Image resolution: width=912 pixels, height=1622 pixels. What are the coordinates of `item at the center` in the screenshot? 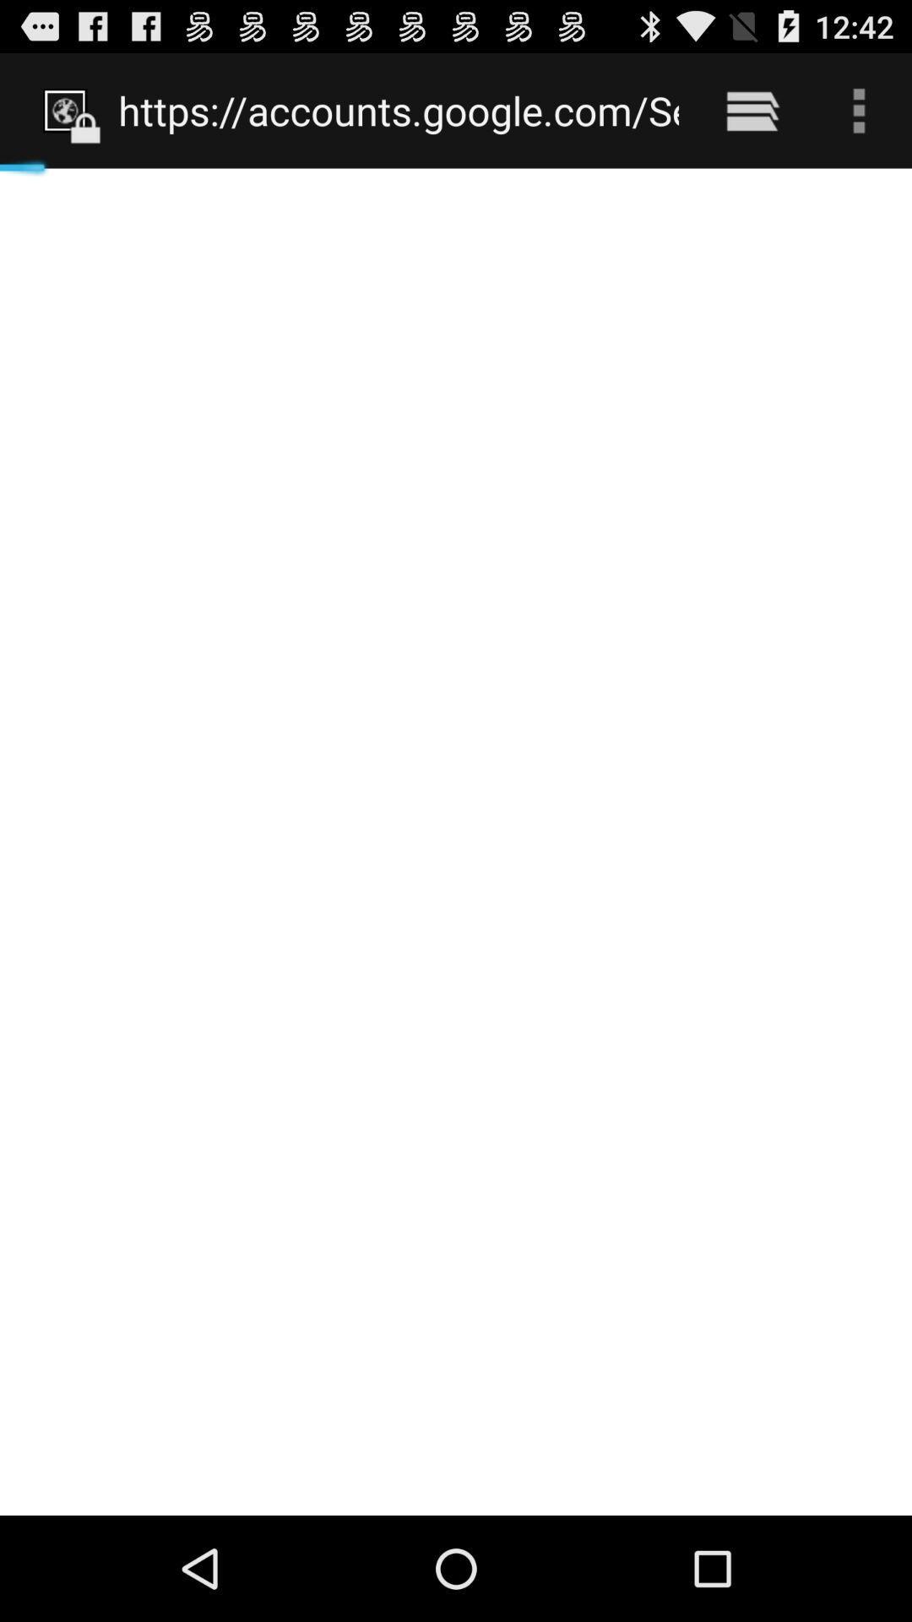 It's located at (456, 841).